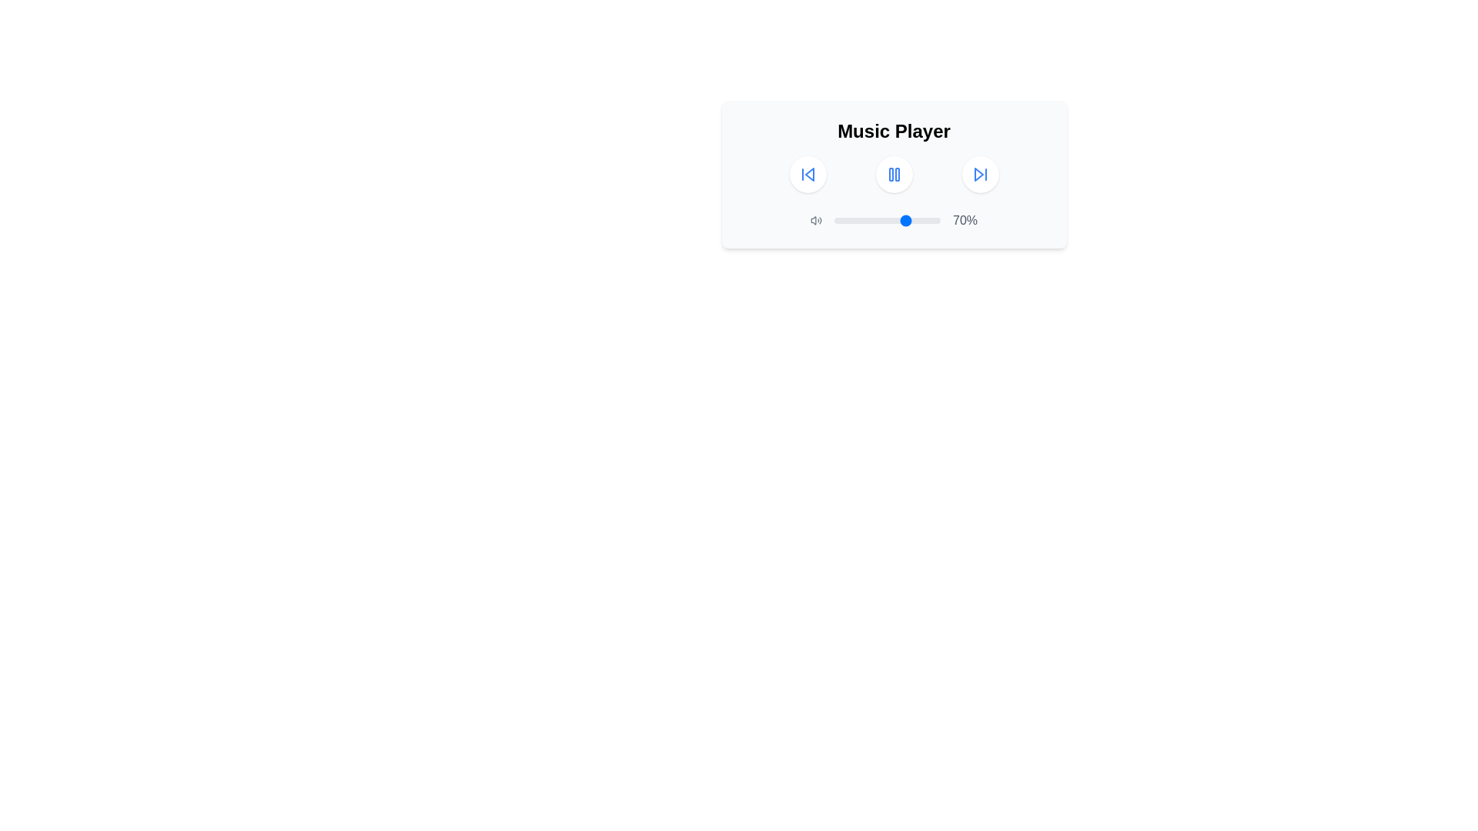 The width and height of the screenshot is (1478, 831). I want to click on the playback control panel located below the 'Music Player' title, so click(894, 174).